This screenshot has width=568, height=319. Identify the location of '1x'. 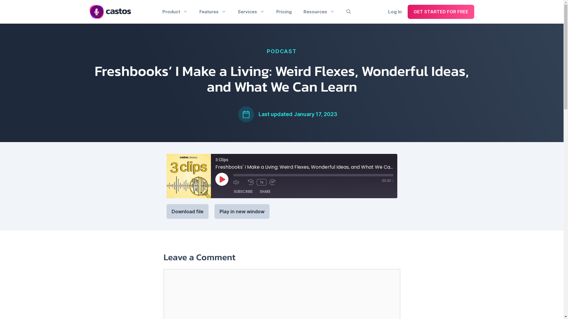
(261, 182).